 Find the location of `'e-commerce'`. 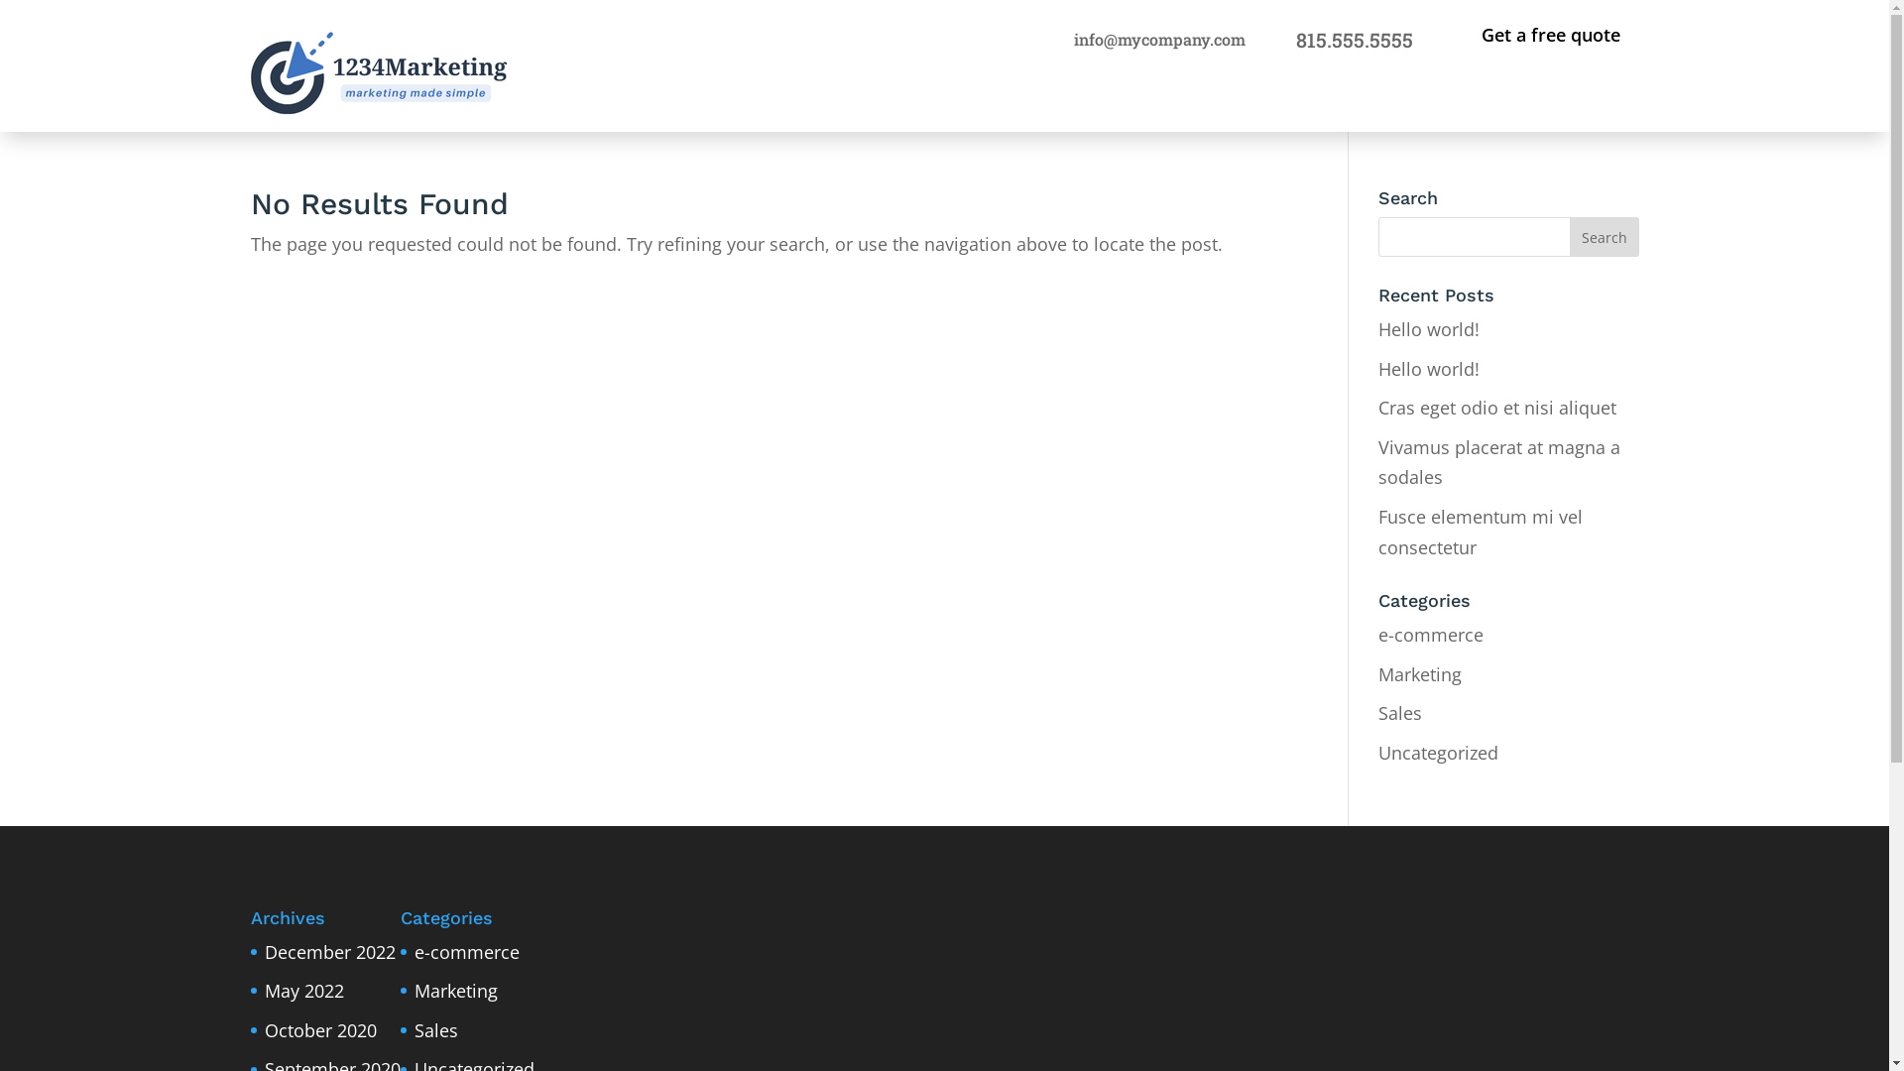

'e-commerce' is located at coordinates (1431, 635).